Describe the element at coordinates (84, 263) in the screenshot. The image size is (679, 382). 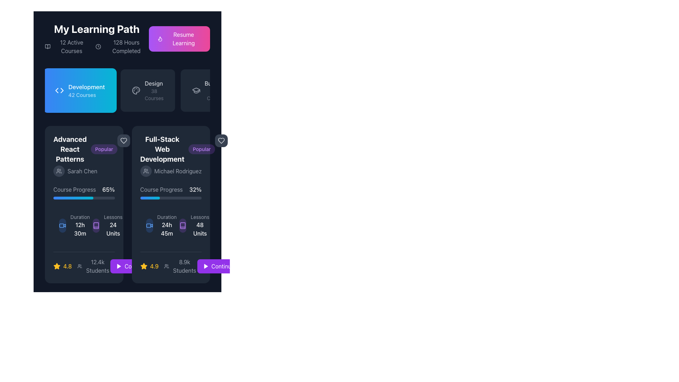
I see `displayed information from the informational display panel located at the bottom of the 'Advanced React Patterns' card, which shows a rating of '4.8' and '12.4k Students'` at that location.